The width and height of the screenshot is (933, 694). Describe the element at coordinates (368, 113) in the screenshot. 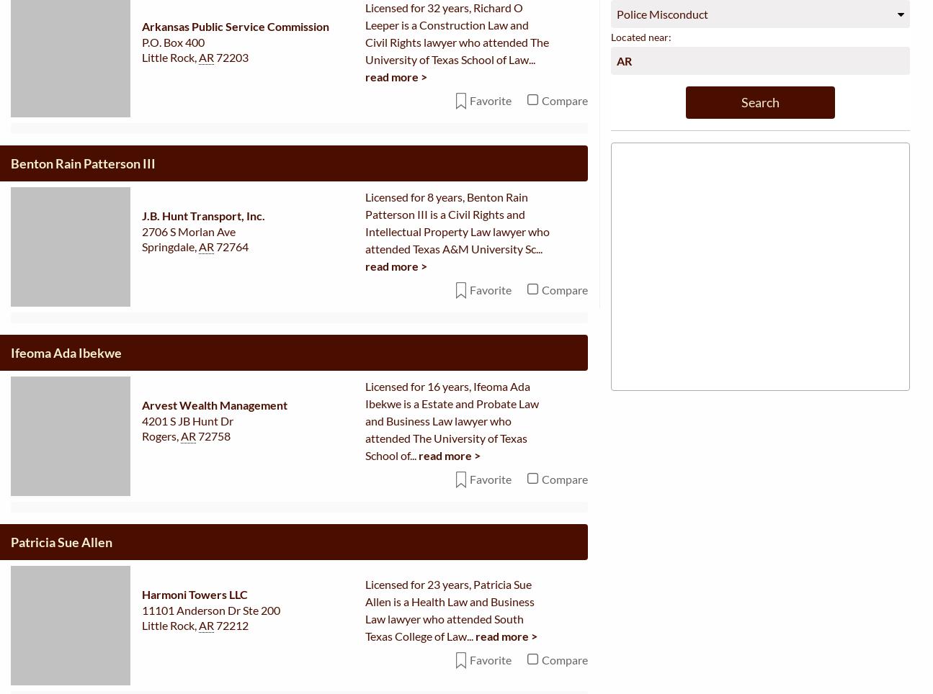

I see `'6'` at that location.